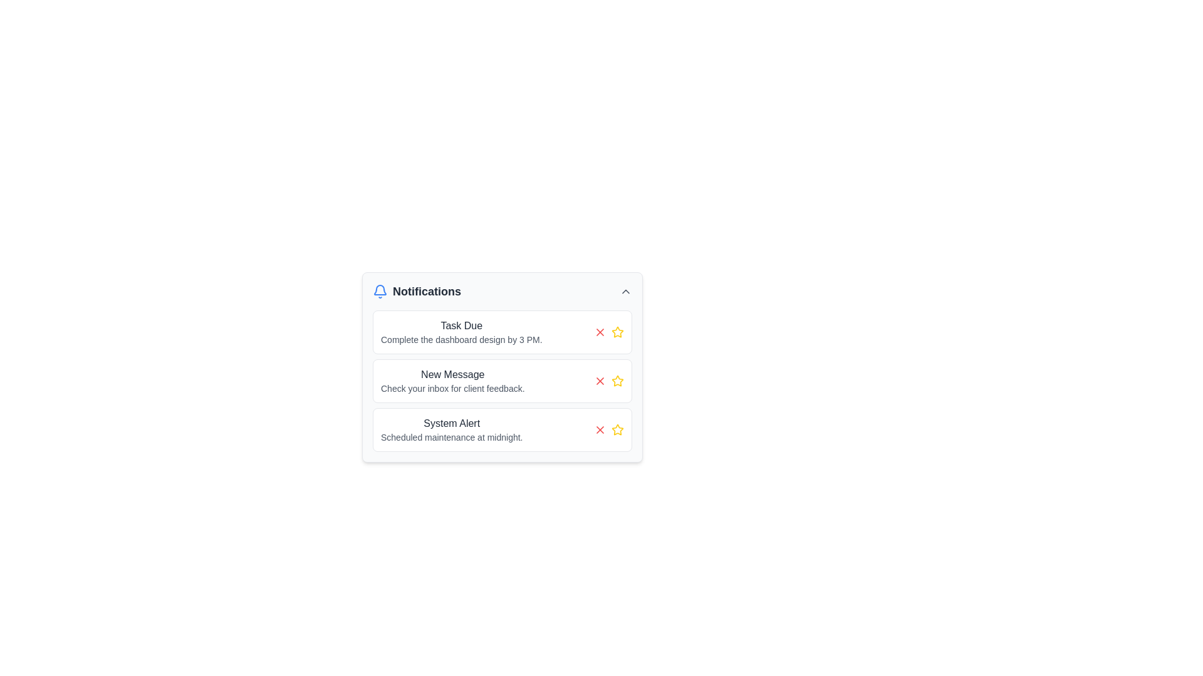  Describe the element at coordinates (617, 429) in the screenshot. I see `the 'favorite' icon located at the far-right of the 'System Alert' notification row` at that location.